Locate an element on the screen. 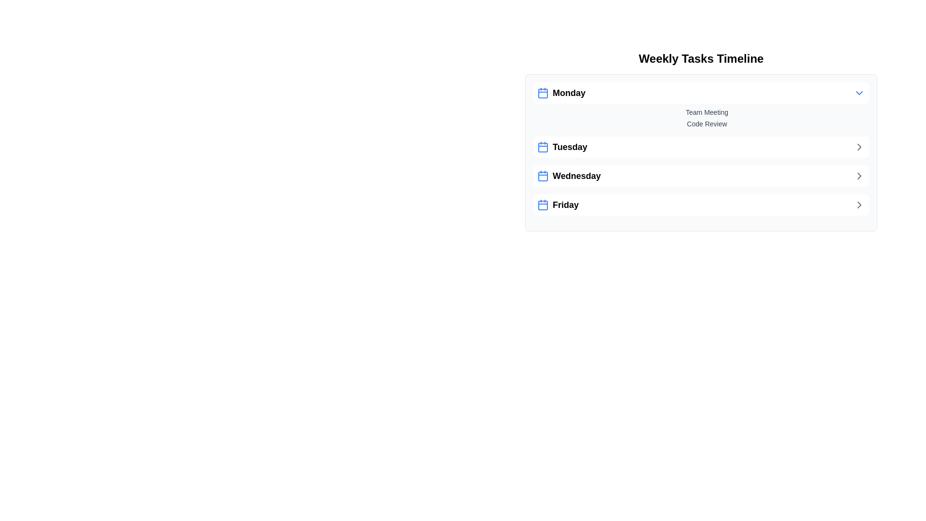 The height and width of the screenshot is (521, 926). the decorative background for the calendar icon associated with the 'Tuesday' entry in the Weekly Tasks Timeline card is located at coordinates (543, 147).